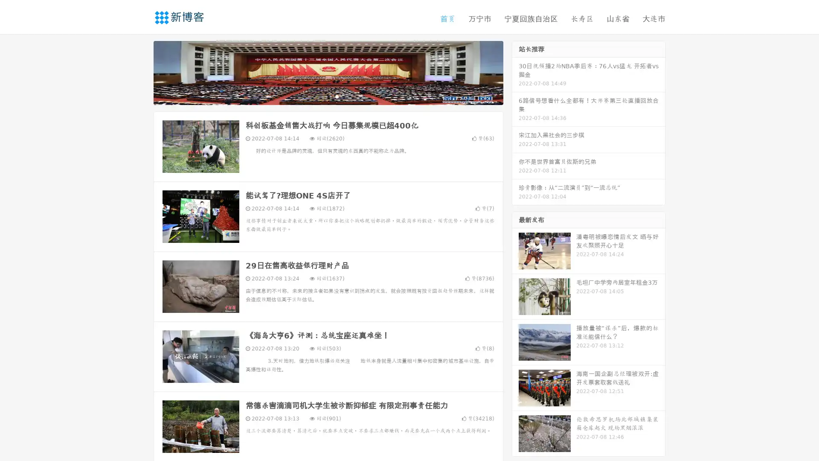  What do you see at coordinates (515, 72) in the screenshot?
I see `Next slide` at bounding box center [515, 72].